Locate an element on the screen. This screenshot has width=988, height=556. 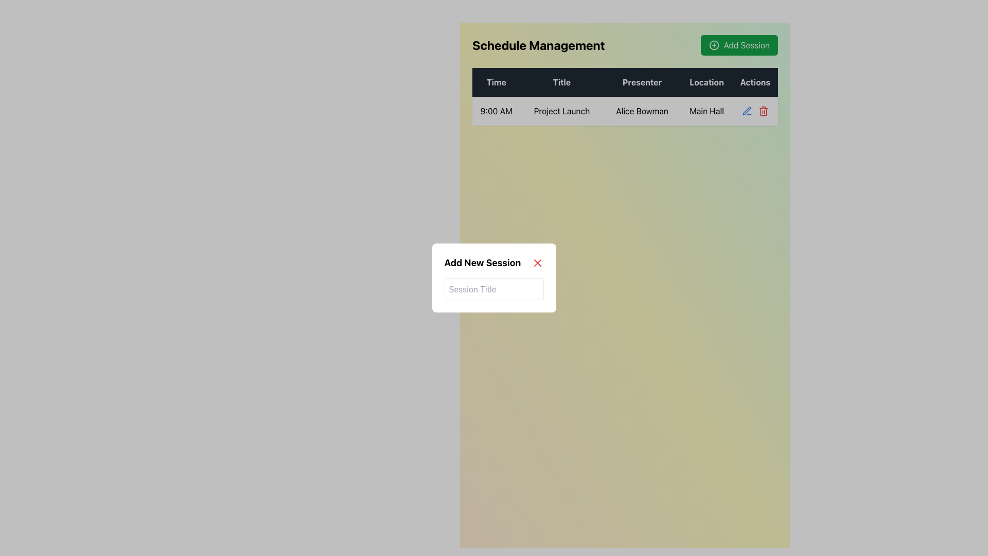
the text label displaying 'Location', which is the fourth item in a row of headers, positioned between 'Presenter' and 'Actions' is located at coordinates (706, 81).